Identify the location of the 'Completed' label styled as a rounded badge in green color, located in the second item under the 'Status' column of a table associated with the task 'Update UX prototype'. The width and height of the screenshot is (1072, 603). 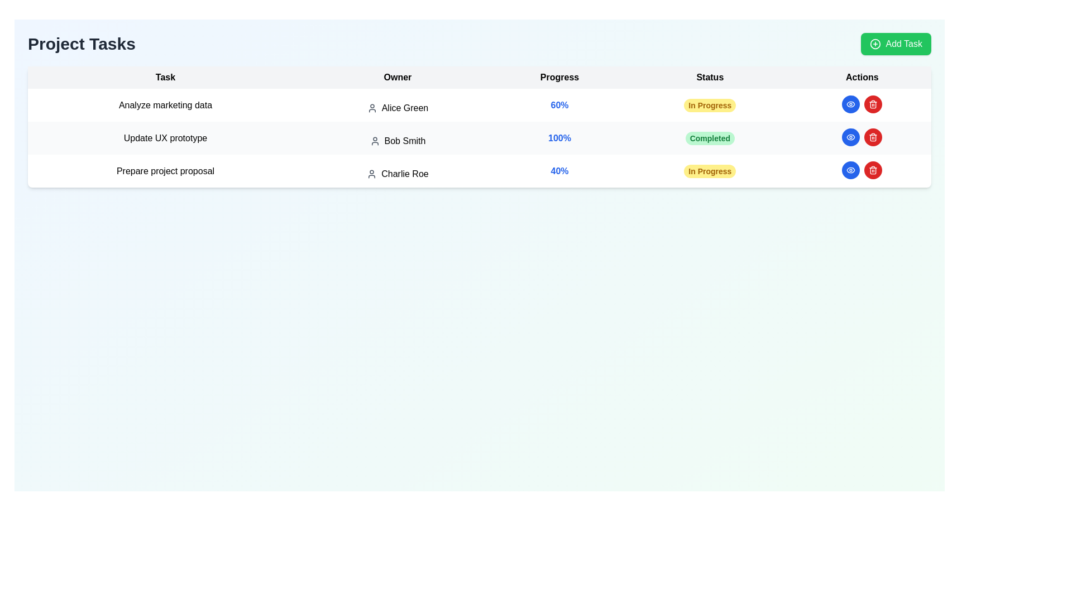
(709, 137).